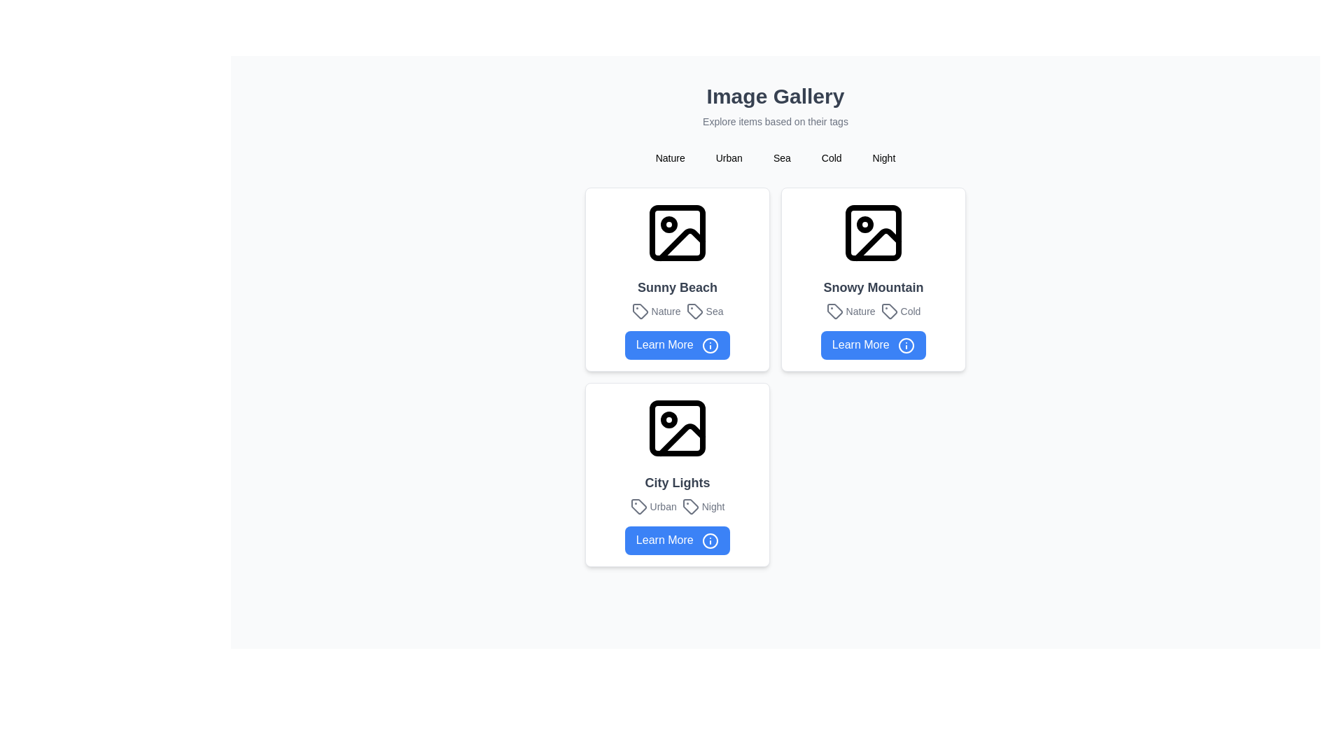 This screenshot has height=756, width=1344. Describe the element at coordinates (775, 96) in the screenshot. I see `the large text heading displaying 'Image Gallery', which is prominently positioned at the top center of the page` at that location.